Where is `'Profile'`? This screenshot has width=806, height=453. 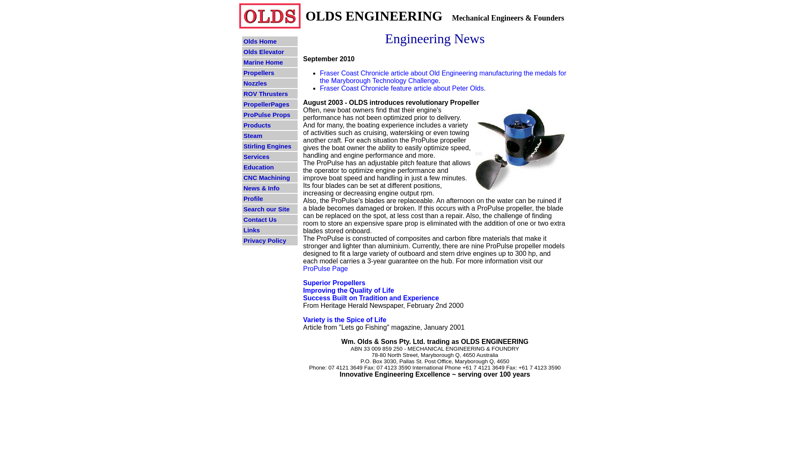 'Profile' is located at coordinates (270, 198).